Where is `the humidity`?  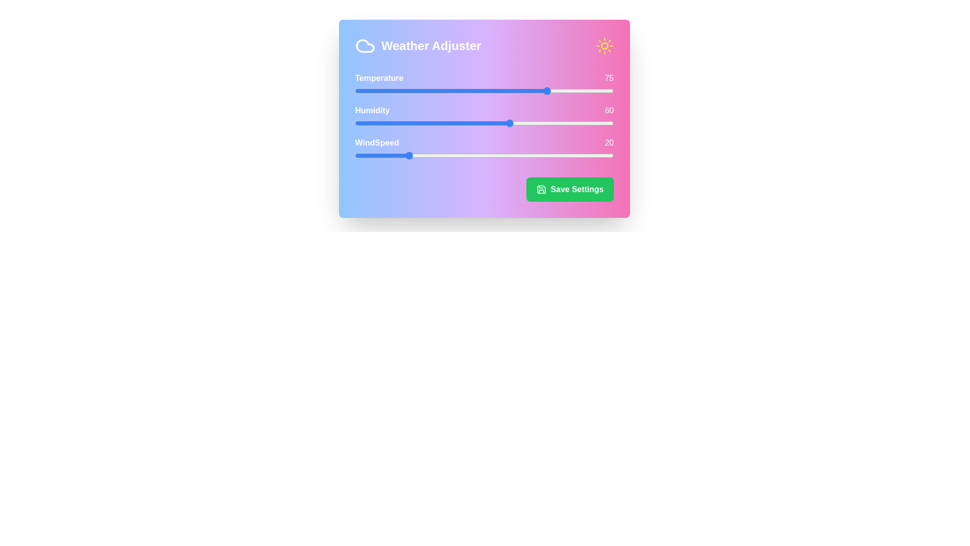 the humidity is located at coordinates (355, 122).